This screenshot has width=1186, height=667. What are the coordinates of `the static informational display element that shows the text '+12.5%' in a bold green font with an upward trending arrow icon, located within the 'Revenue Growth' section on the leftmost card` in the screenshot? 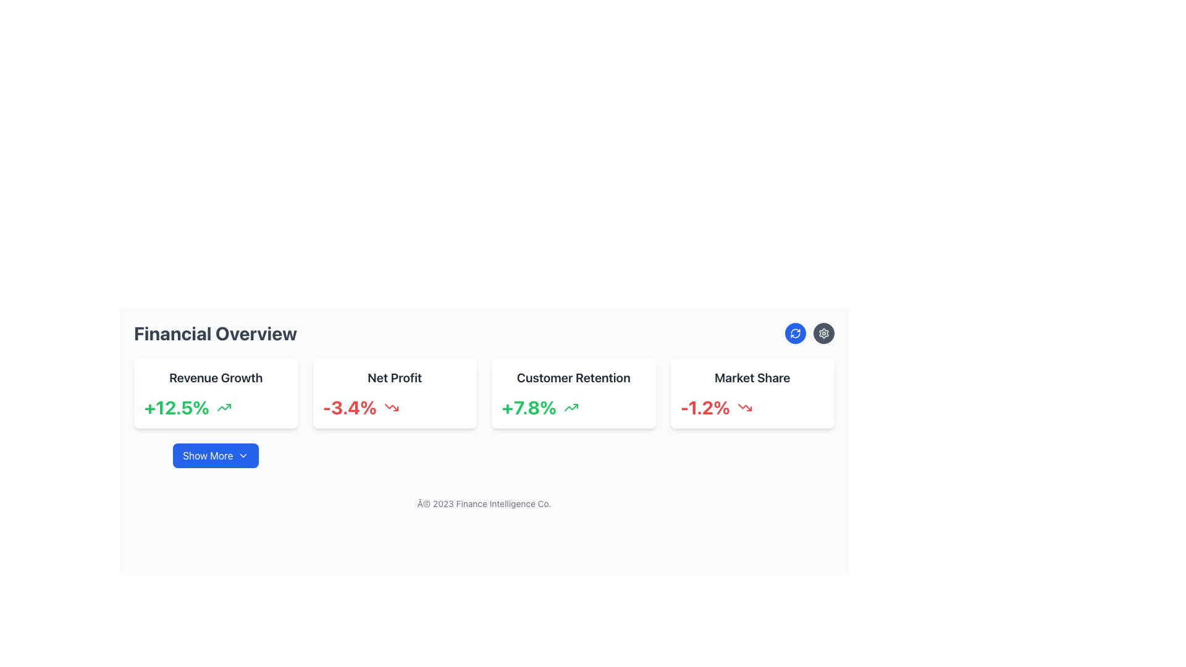 It's located at (216, 407).